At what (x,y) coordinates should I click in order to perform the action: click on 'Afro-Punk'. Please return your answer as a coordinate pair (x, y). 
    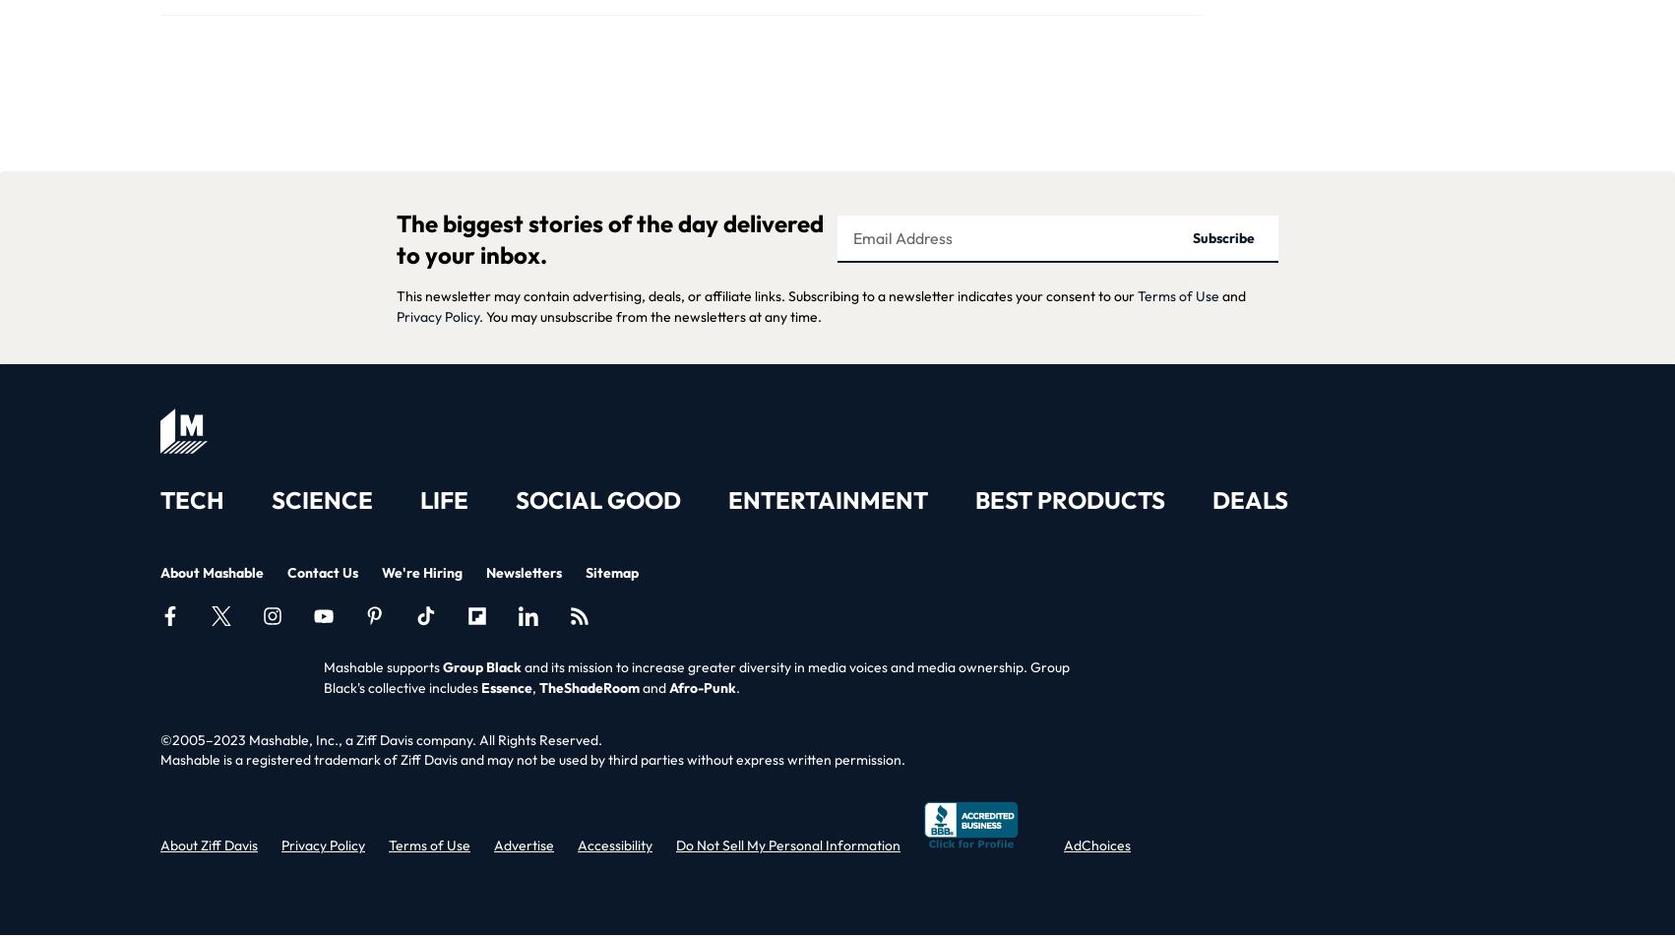
    Looking at the image, I should click on (701, 688).